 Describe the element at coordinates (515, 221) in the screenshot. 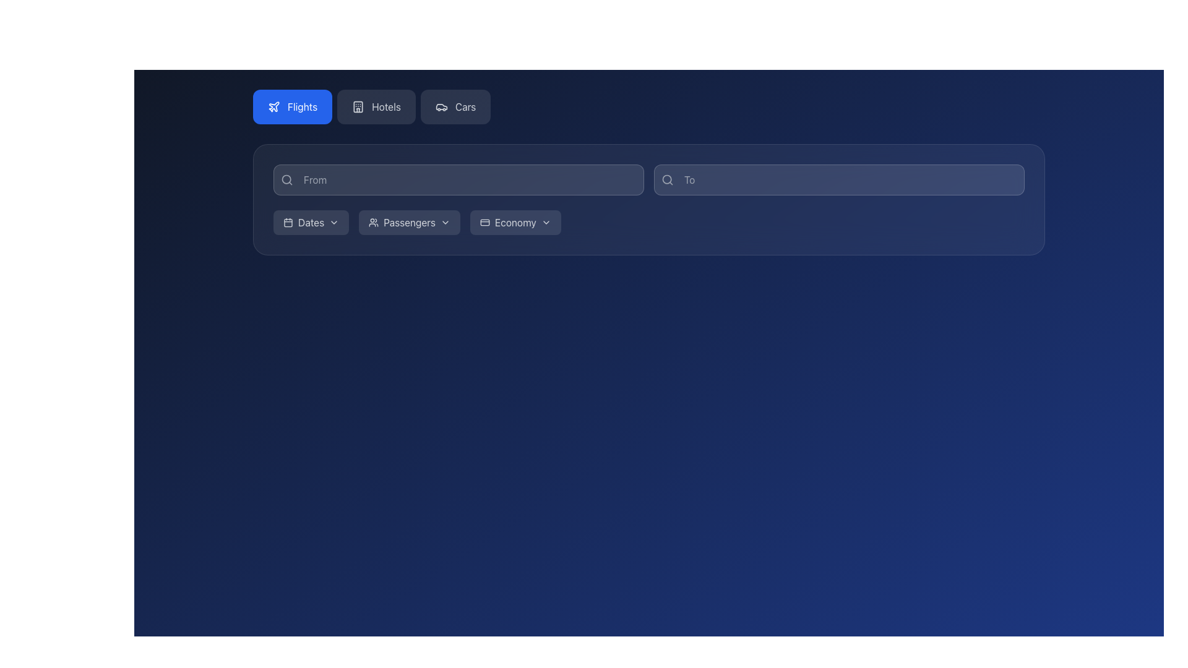

I see `the static text label reading 'Economy', which is displayed in subdued gray and is part of a horizontal list of options between an icon representing a credit card and a downward-pointing chevron icon` at that location.